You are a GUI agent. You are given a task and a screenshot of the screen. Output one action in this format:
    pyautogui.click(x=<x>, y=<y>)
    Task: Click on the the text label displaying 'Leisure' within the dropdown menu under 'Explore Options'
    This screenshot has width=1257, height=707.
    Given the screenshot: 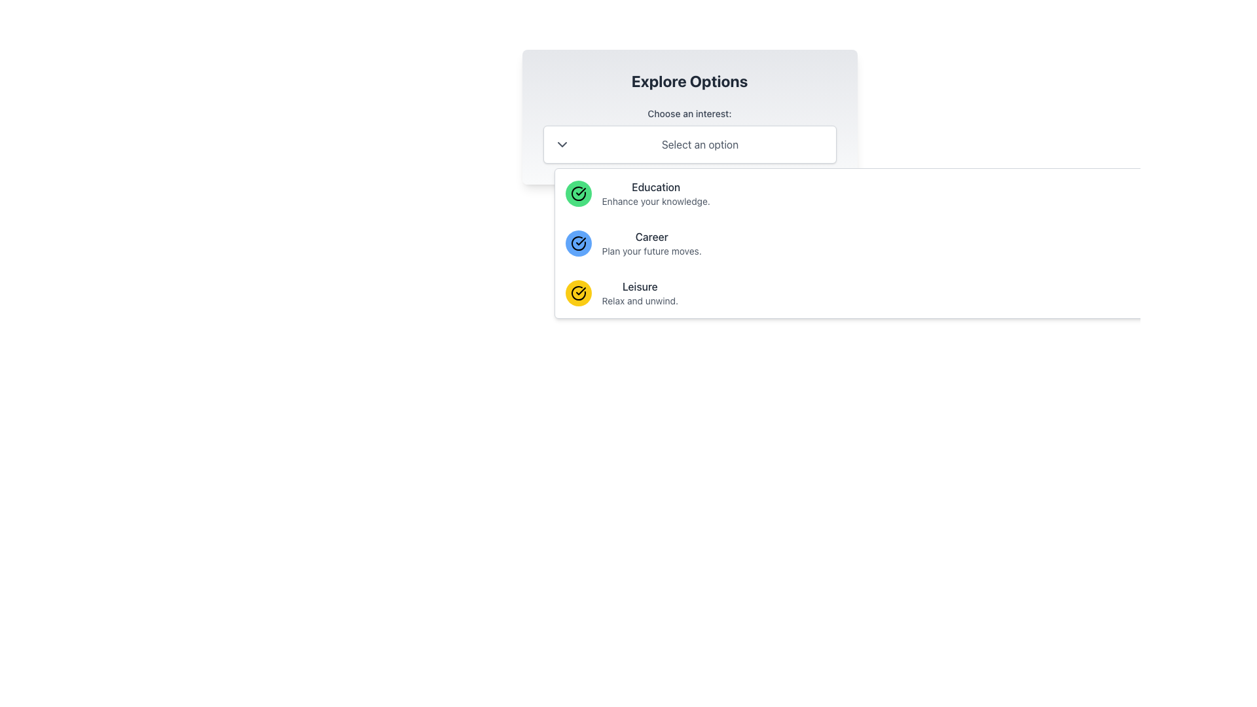 What is the action you would take?
    pyautogui.click(x=640, y=286)
    